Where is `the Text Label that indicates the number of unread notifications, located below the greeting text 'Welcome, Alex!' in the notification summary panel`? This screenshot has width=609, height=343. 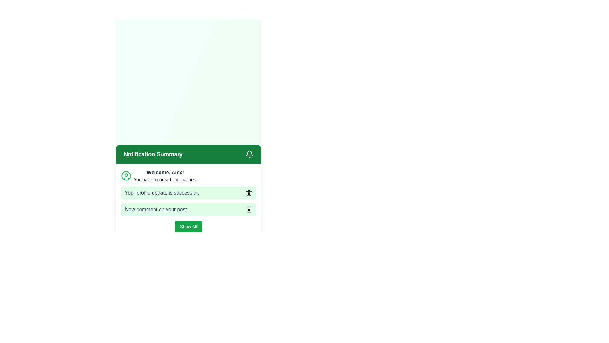
the Text Label that indicates the number of unread notifications, located below the greeting text 'Welcome, Alex!' in the notification summary panel is located at coordinates (165, 180).